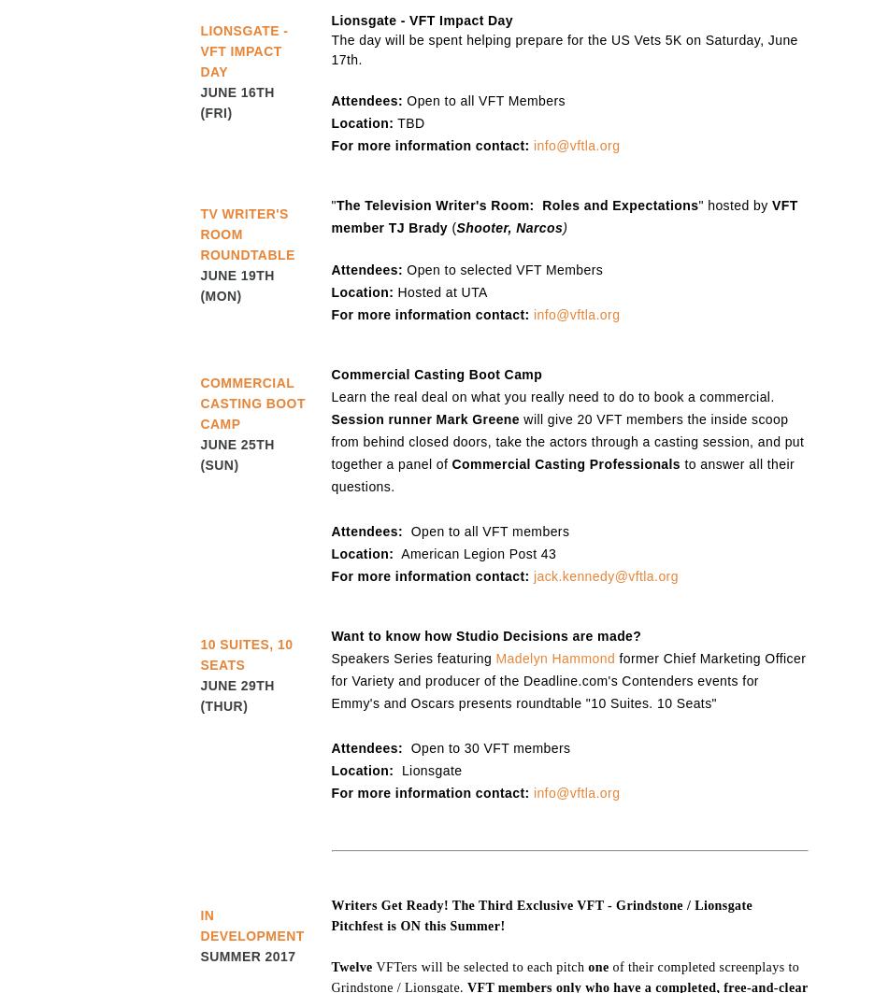 This screenshot has height=993, width=874. I want to click on 'The Television Writer's Room:  Roles and Expectations', so click(515, 206).